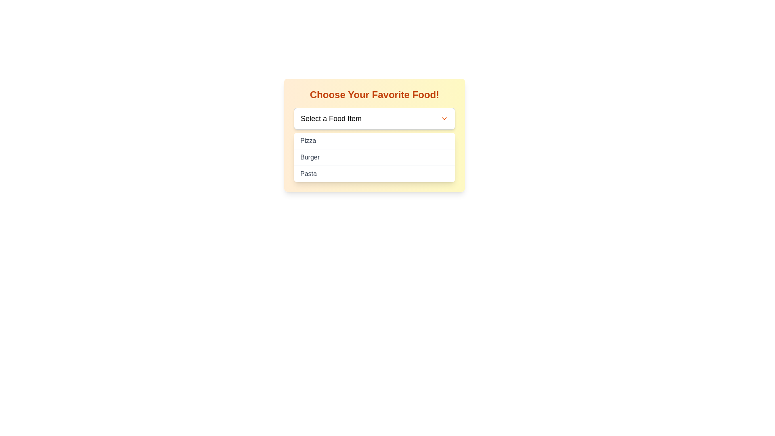  I want to click on the text label displaying 'Pasta' in a dark gray font, which is located in the third row of the dropdown menu under 'Select a Food Item', so click(308, 174).